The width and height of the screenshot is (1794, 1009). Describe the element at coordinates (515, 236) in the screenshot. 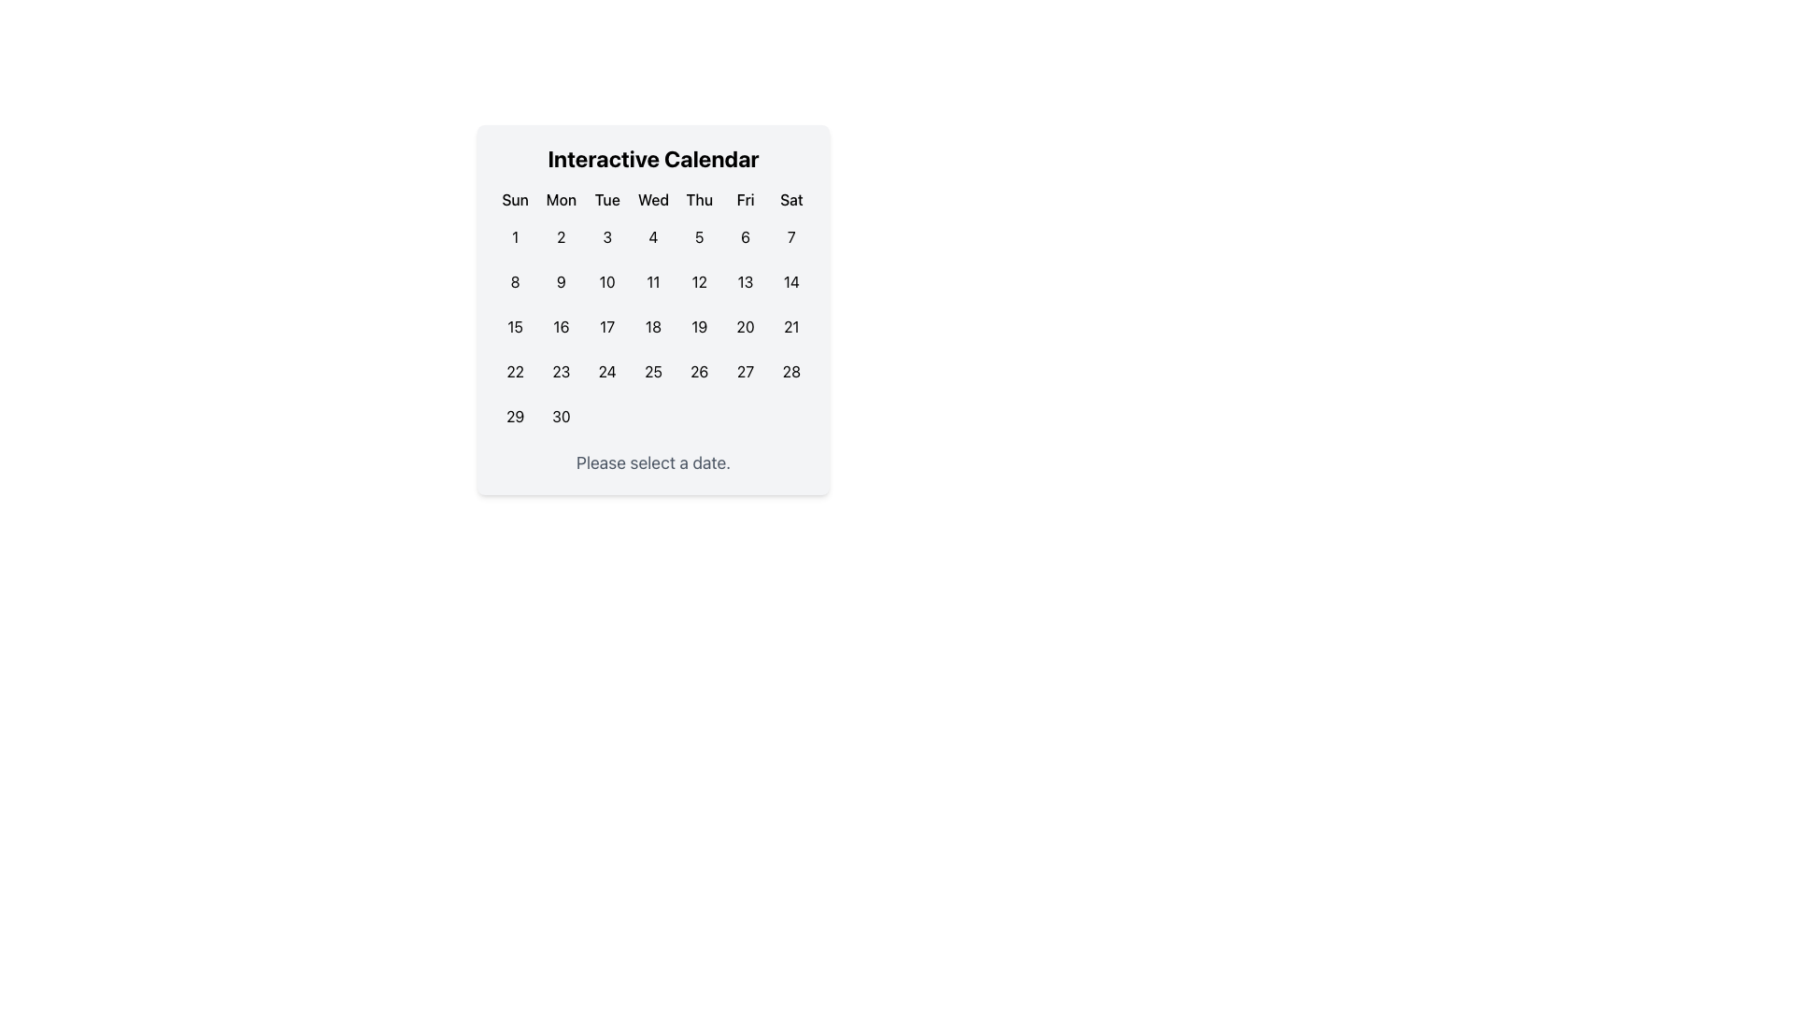

I see `the first day of the month in the calendar view` at that location.